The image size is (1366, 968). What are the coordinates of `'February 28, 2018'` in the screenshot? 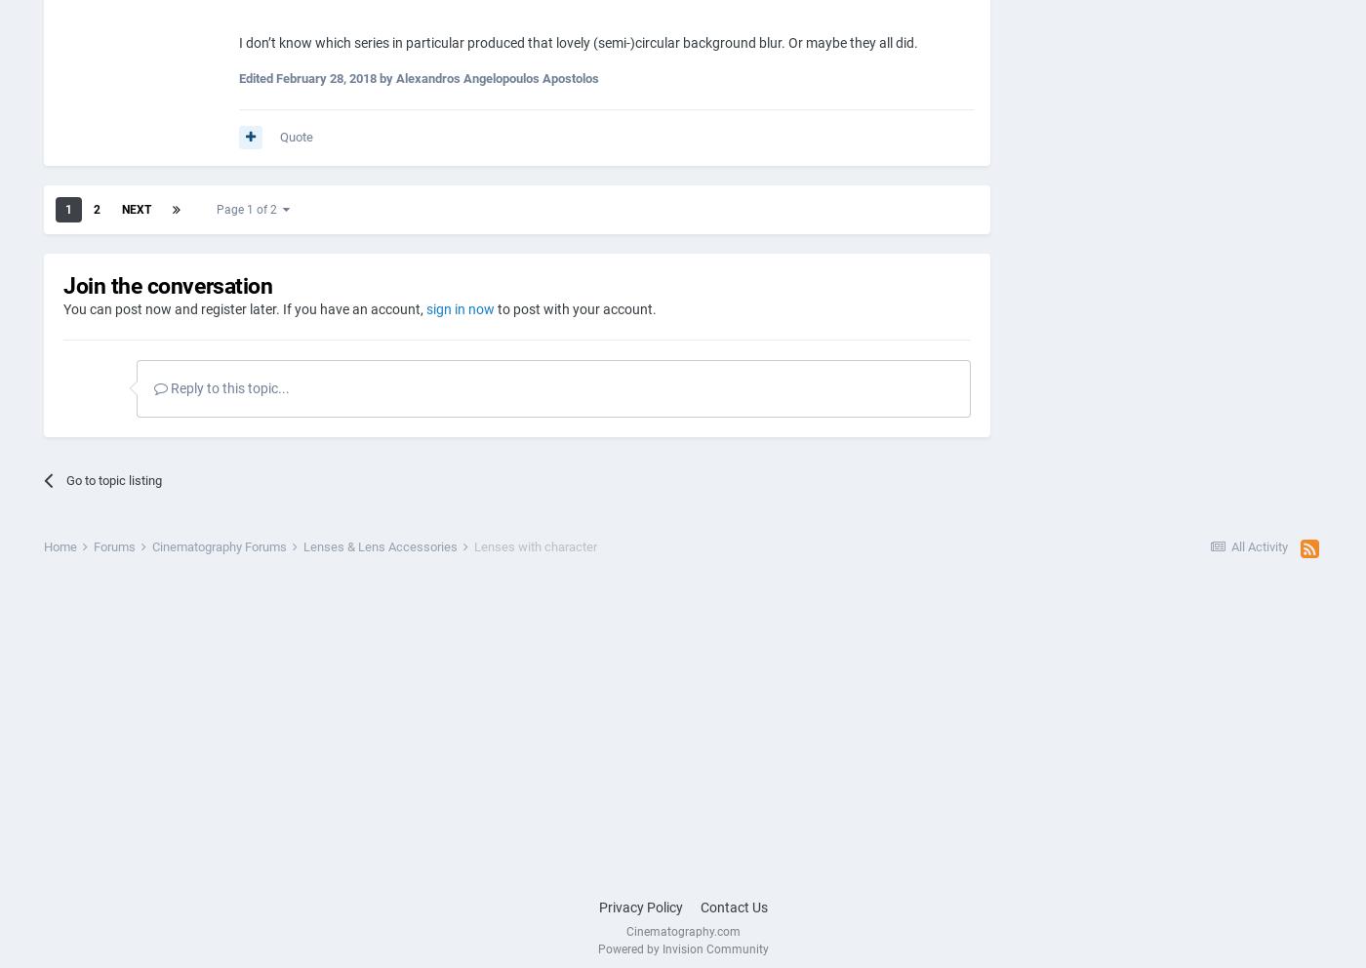 It's located at (275, 78).